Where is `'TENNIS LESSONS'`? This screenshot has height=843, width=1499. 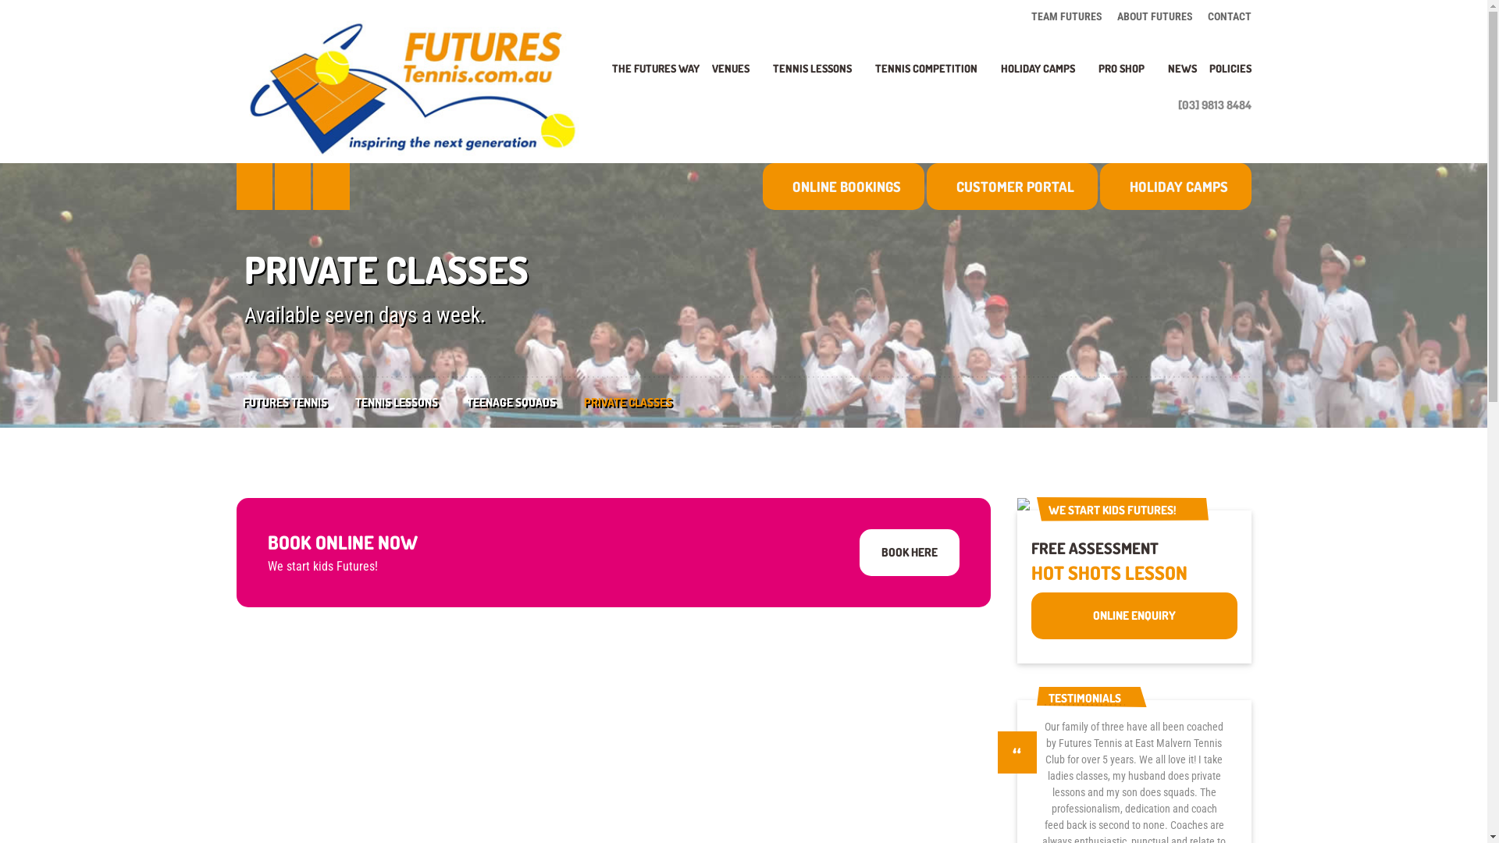
'TENNIS LESSONS' is located at coordinates (767, 76).